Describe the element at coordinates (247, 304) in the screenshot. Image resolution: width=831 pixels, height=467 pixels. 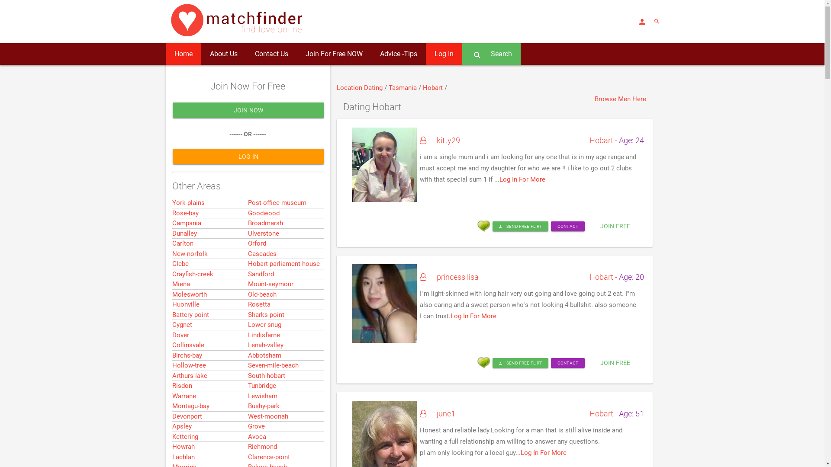
I see `'Rosetta'` at that location.